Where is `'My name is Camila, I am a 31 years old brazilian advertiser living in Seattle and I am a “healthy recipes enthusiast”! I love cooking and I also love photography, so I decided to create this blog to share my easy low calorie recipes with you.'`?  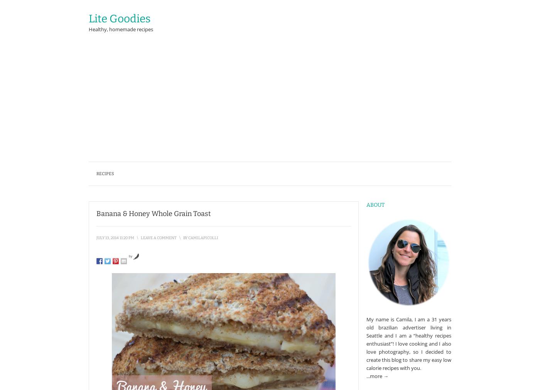
'My name is Camila, I am a 31 years old brazilian advertiser living in Seattle and I am a “healthy recipes enthusiast”! I love cooking and I also love photography, so I decided to create this blog to share my easy low calorie recipes with you.' is located at coordinates (408, 343).